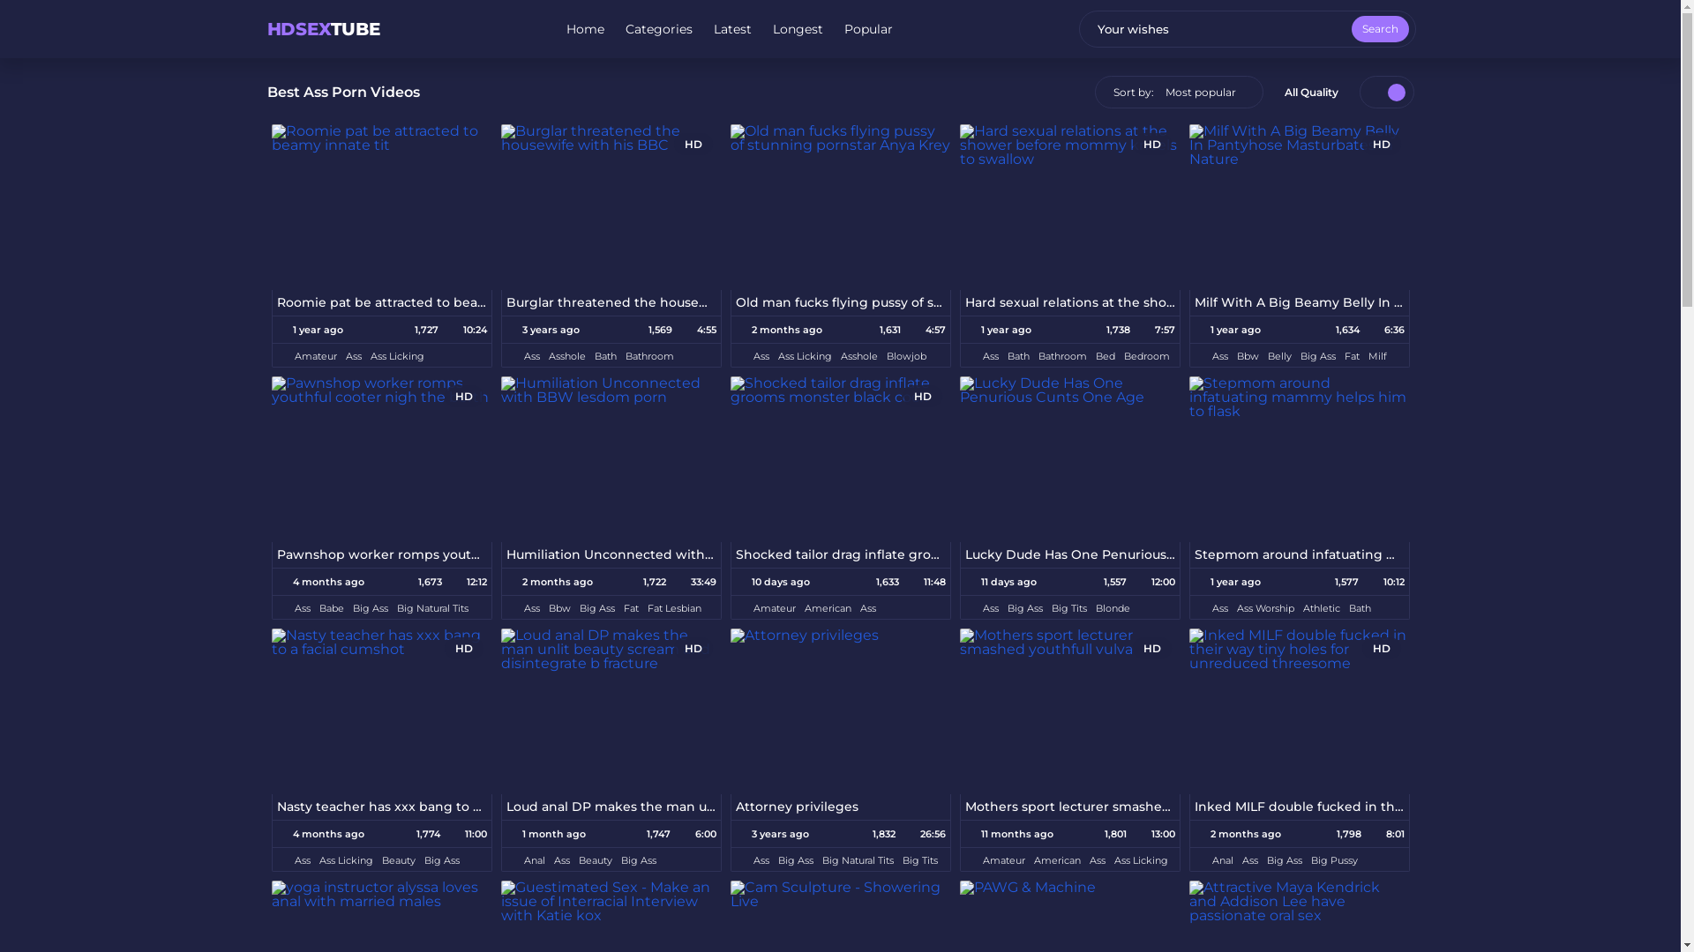 The image size is (1694, 952). What do you see at coordinates (1264, 607) in the screenshot?
I see `'Ass Worship'` at bounding box center [1264, 607].